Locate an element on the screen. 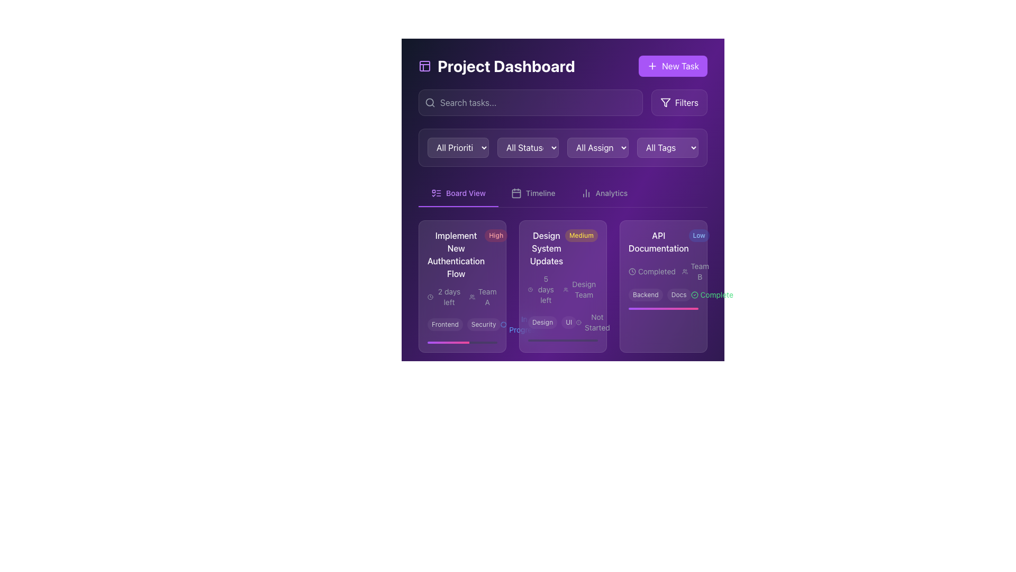  the analytics icon located to the left of the 'Analytics' text label is located at coordinates (585, 193).